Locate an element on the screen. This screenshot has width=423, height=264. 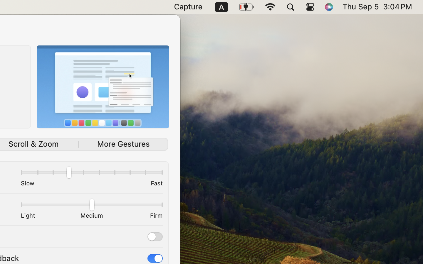
'3.0' is located at coordinates (91, 174).